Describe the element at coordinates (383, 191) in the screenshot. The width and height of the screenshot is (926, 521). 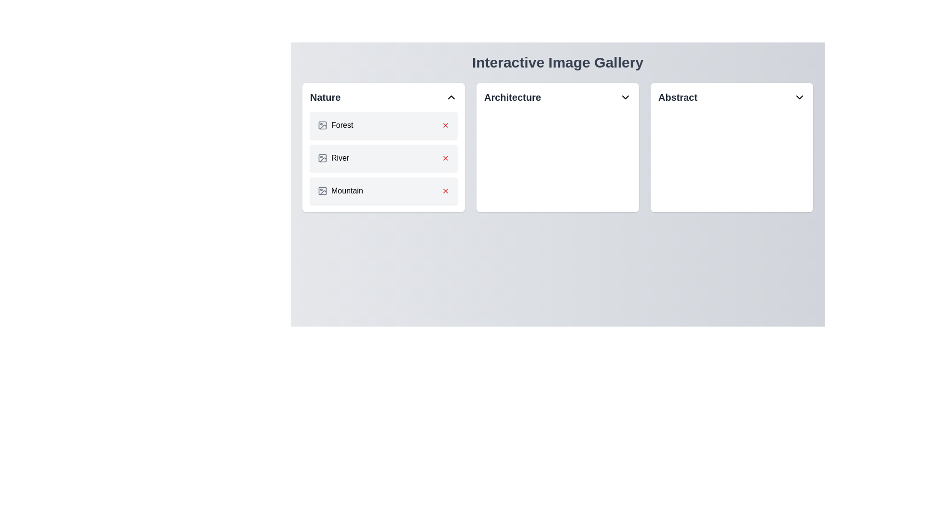
I see `the 'Mountain' category list item, which is the third entry in the vertical list under the 'Nature' section in the left panel` at that location.